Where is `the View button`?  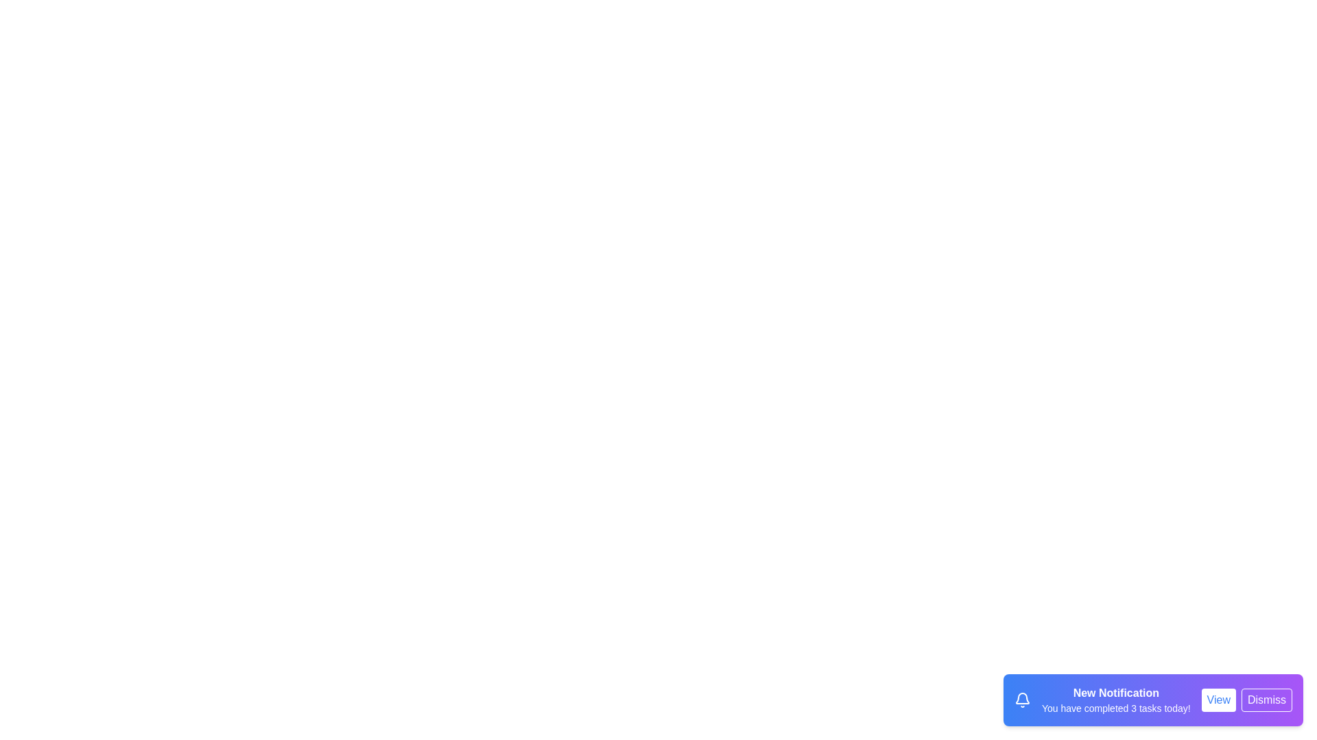 the View button is located at coordinates (1218, 700).